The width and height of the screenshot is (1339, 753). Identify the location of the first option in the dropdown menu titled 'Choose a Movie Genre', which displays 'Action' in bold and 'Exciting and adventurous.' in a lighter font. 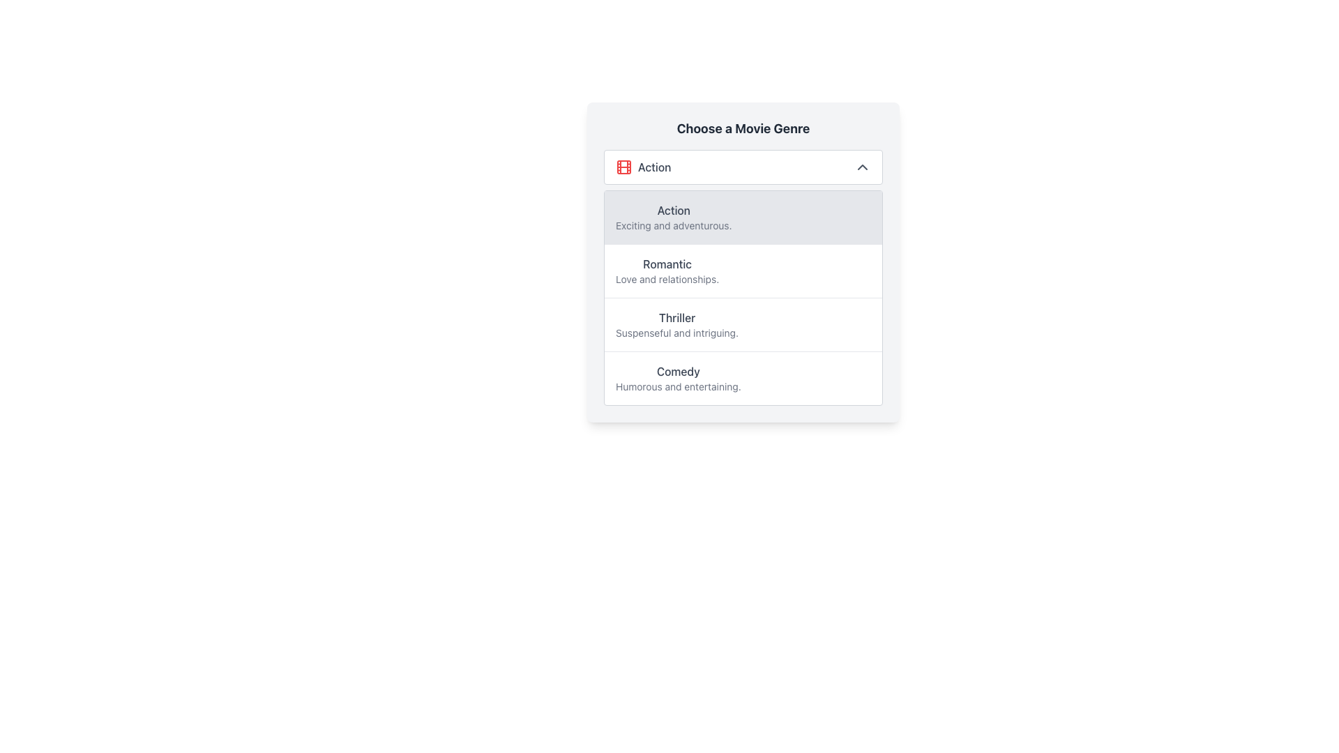
(674, 218).